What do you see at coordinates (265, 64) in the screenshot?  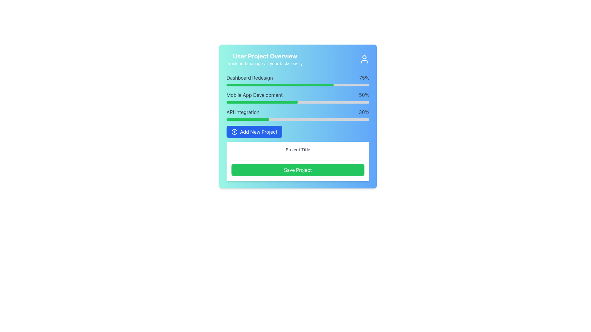 I see `the text label reading 'Track and manage all your tasks easily.' which is positioned below the heading 'User Project Overview'` at bounding box center [265, 64].